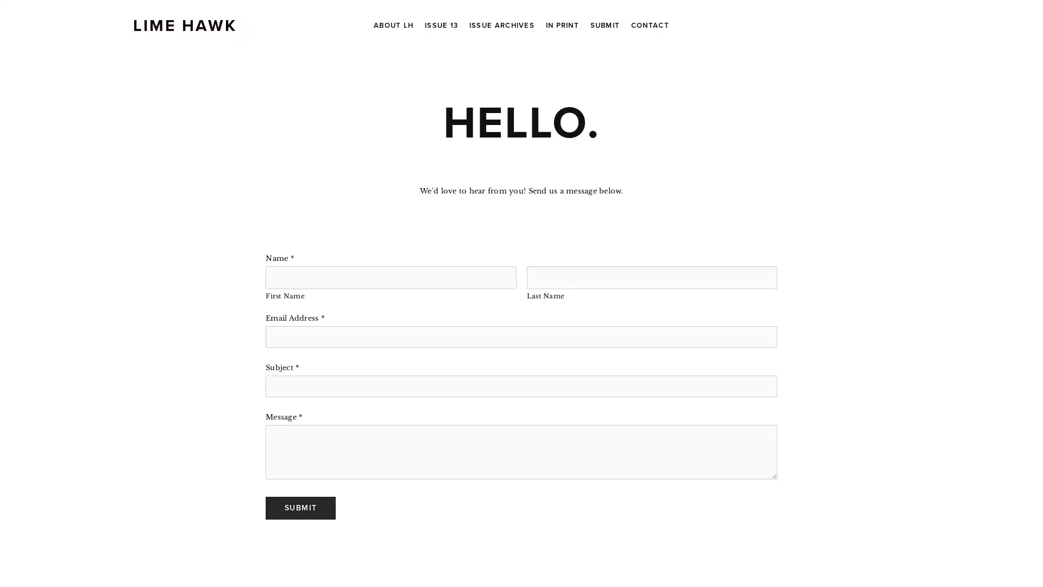 The width and height of the screenshot is (1043, 587). I want to click on Submit, so click(300, 507).